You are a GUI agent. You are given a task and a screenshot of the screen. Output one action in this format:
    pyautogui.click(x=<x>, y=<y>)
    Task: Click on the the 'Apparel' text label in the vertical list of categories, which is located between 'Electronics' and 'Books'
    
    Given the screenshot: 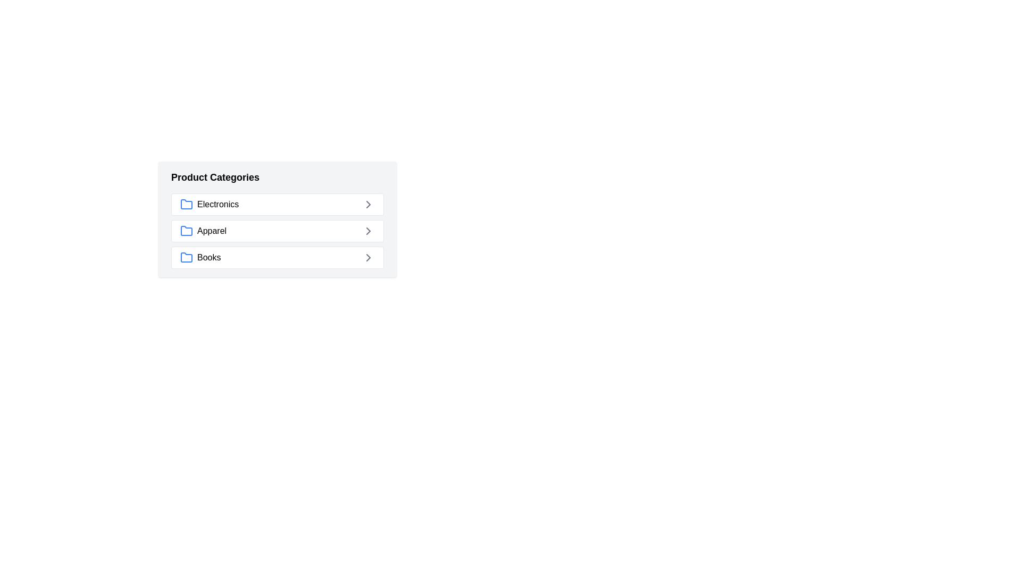 What is the action you would take?
    pyautogui.click(x=212, y=231)
    